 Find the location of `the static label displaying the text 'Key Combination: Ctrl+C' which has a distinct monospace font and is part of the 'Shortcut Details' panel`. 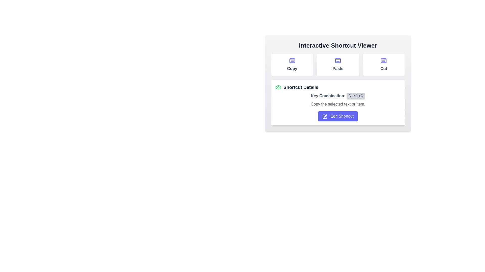

the static label displaying the text 'Key Combination: Ctrl+C' which has a distinct monospace font and is part of the 'Shortcut Details' panel is located at coordinates (338, 96).